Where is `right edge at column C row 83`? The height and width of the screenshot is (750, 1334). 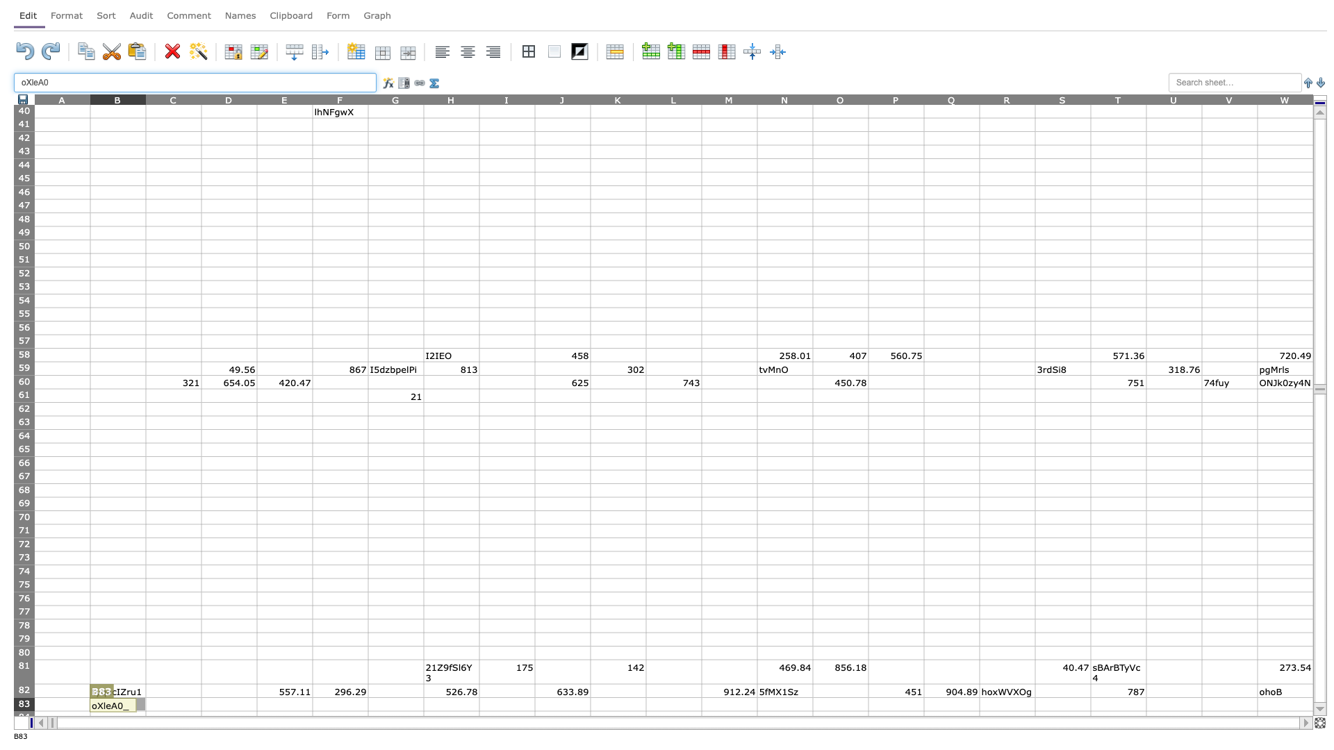
right edge at column C row 83 is located at coordinates (200, 704).